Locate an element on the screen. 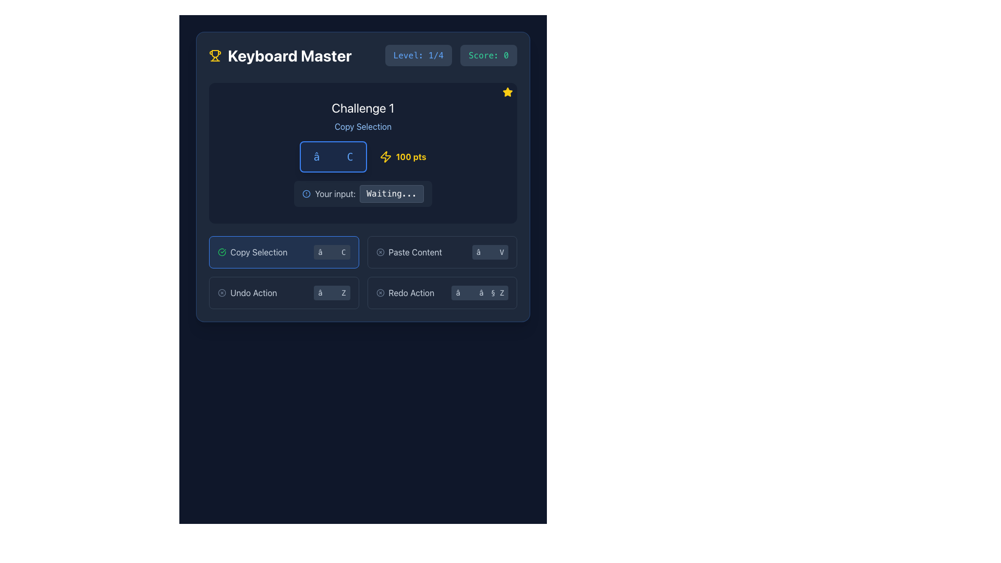 The width and height of the screenshot is (1001, 563). the center of the circular icon button with a cross mark inside it, located next to the 'Paste Content' label is located at coordinates (380, 252).